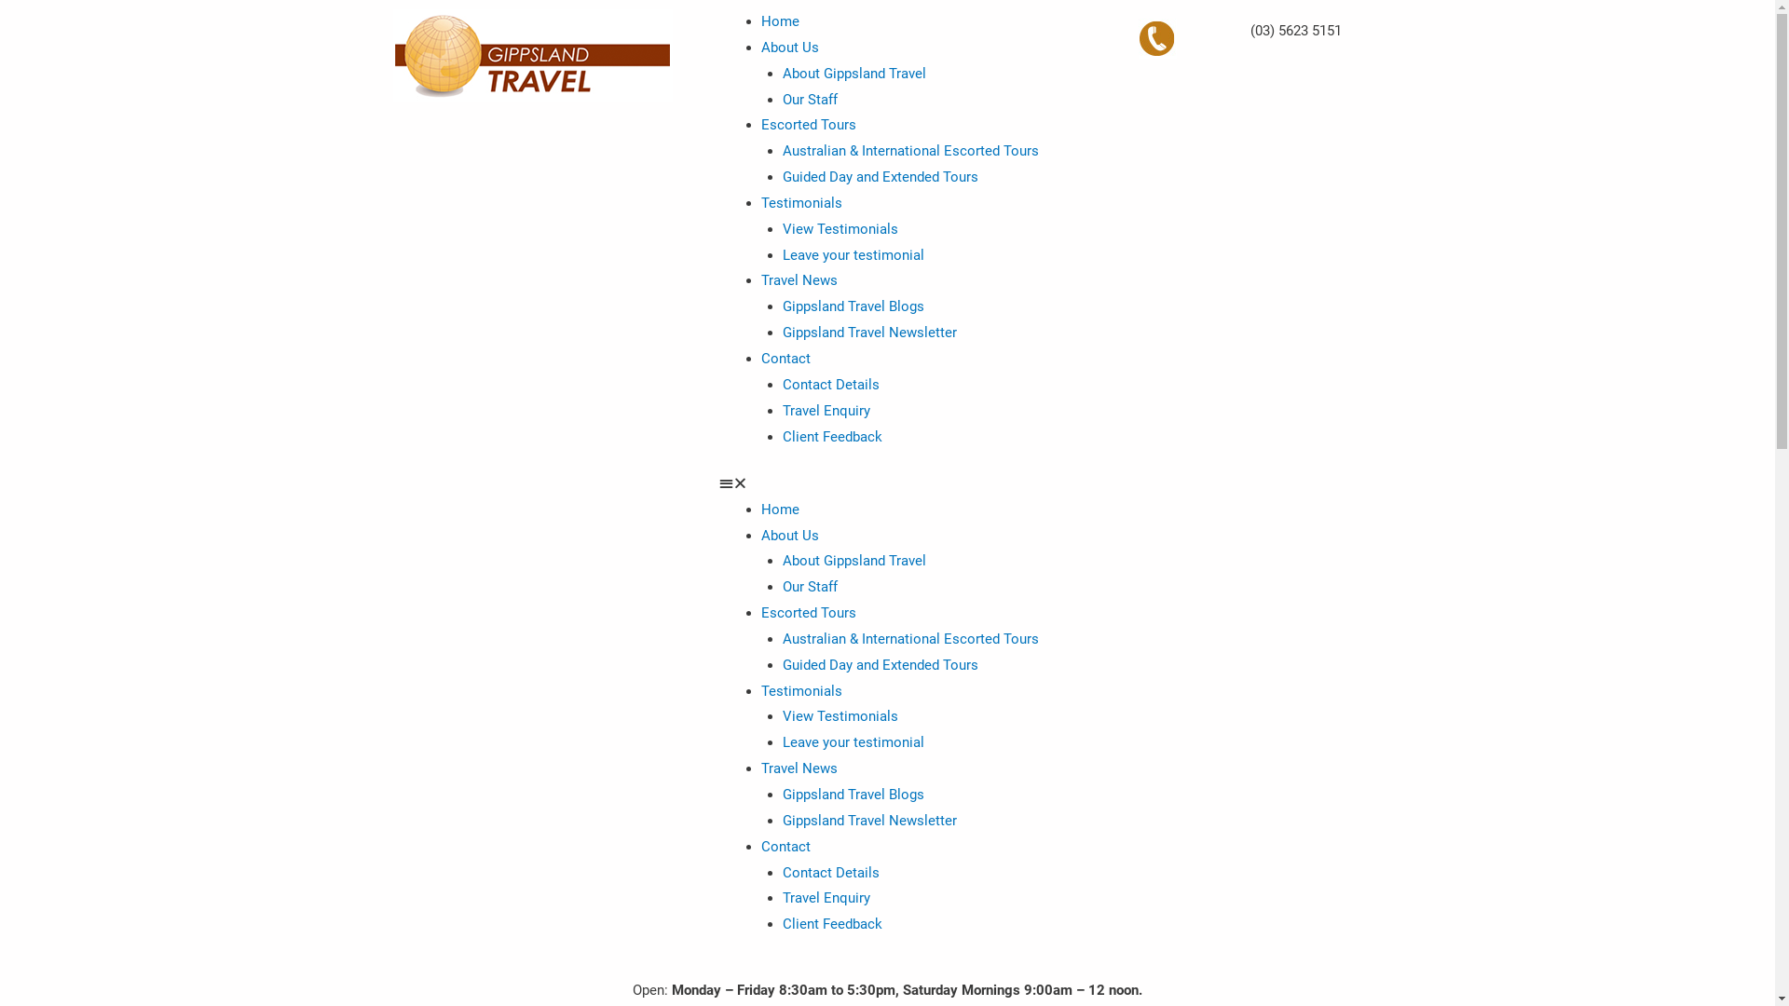 The image size is (1789, 1006). Describe the element at coordinates (840, 228) in the screenshot. I see `'View Testimonials'` at that location.